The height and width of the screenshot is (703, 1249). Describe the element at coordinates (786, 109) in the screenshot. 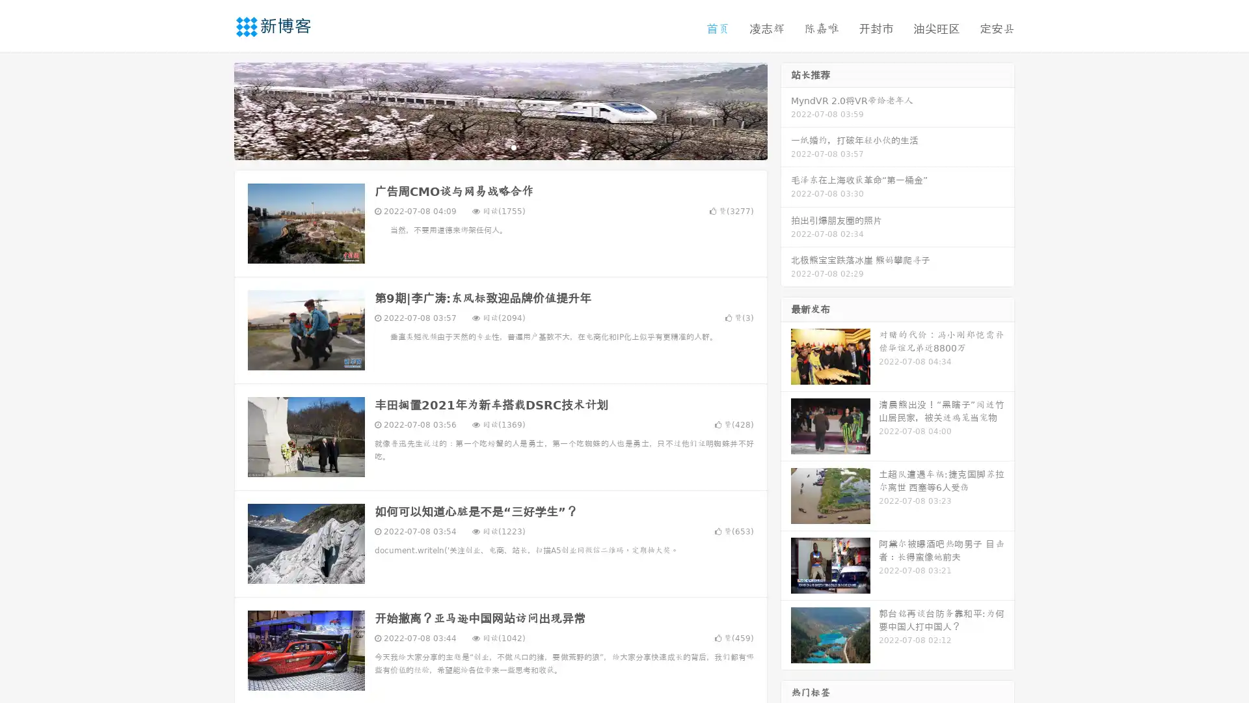

I see `Next slide` at that location.